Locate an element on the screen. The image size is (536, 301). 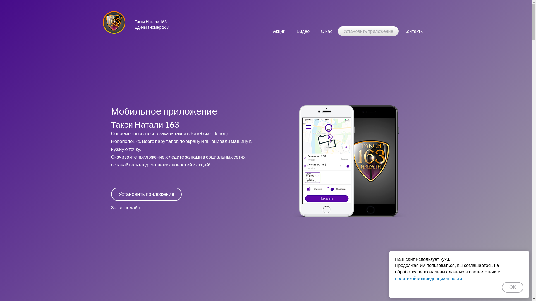
'OK' is located at coordinates (502, 287).